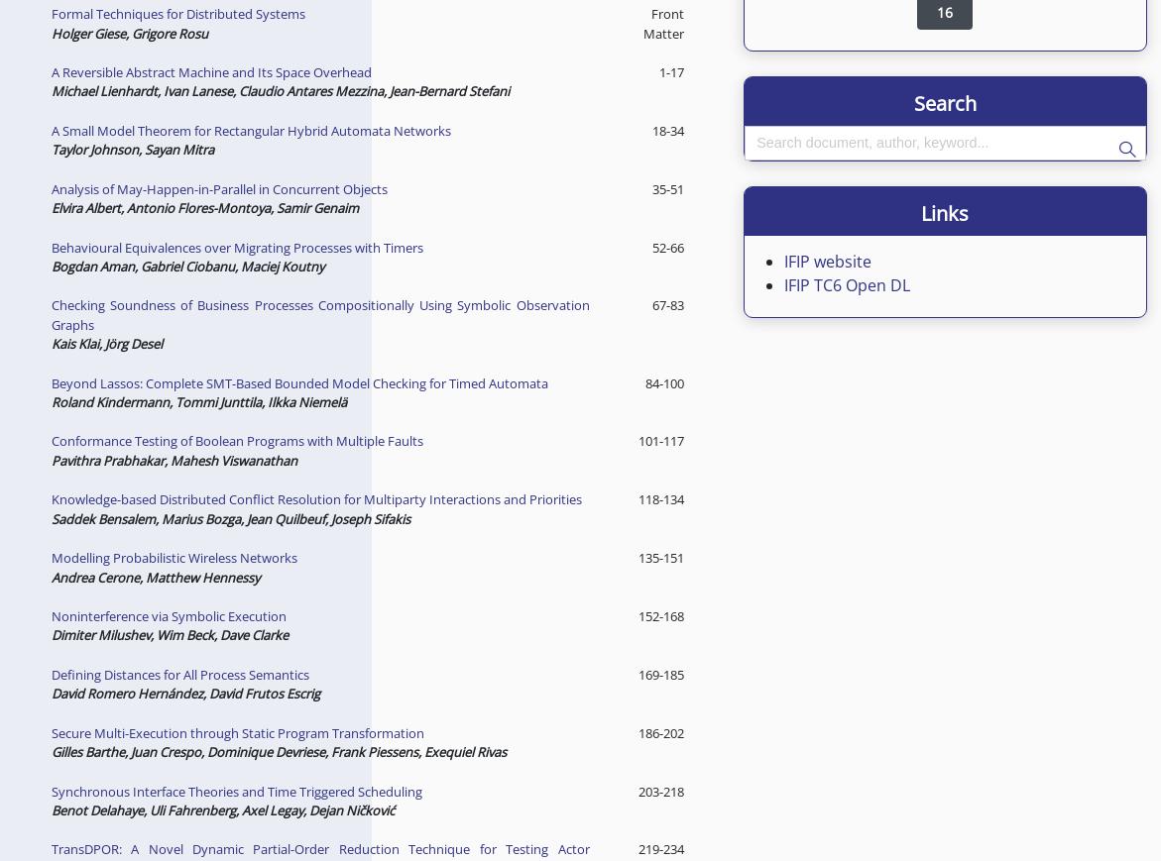 The width and height of the screenshot is (1161, 861). What do you see at coordinates (167, 614) in the screenshot?
I see `'Noninterference via Symbolic Execution'` at bounding box center [167, 614].